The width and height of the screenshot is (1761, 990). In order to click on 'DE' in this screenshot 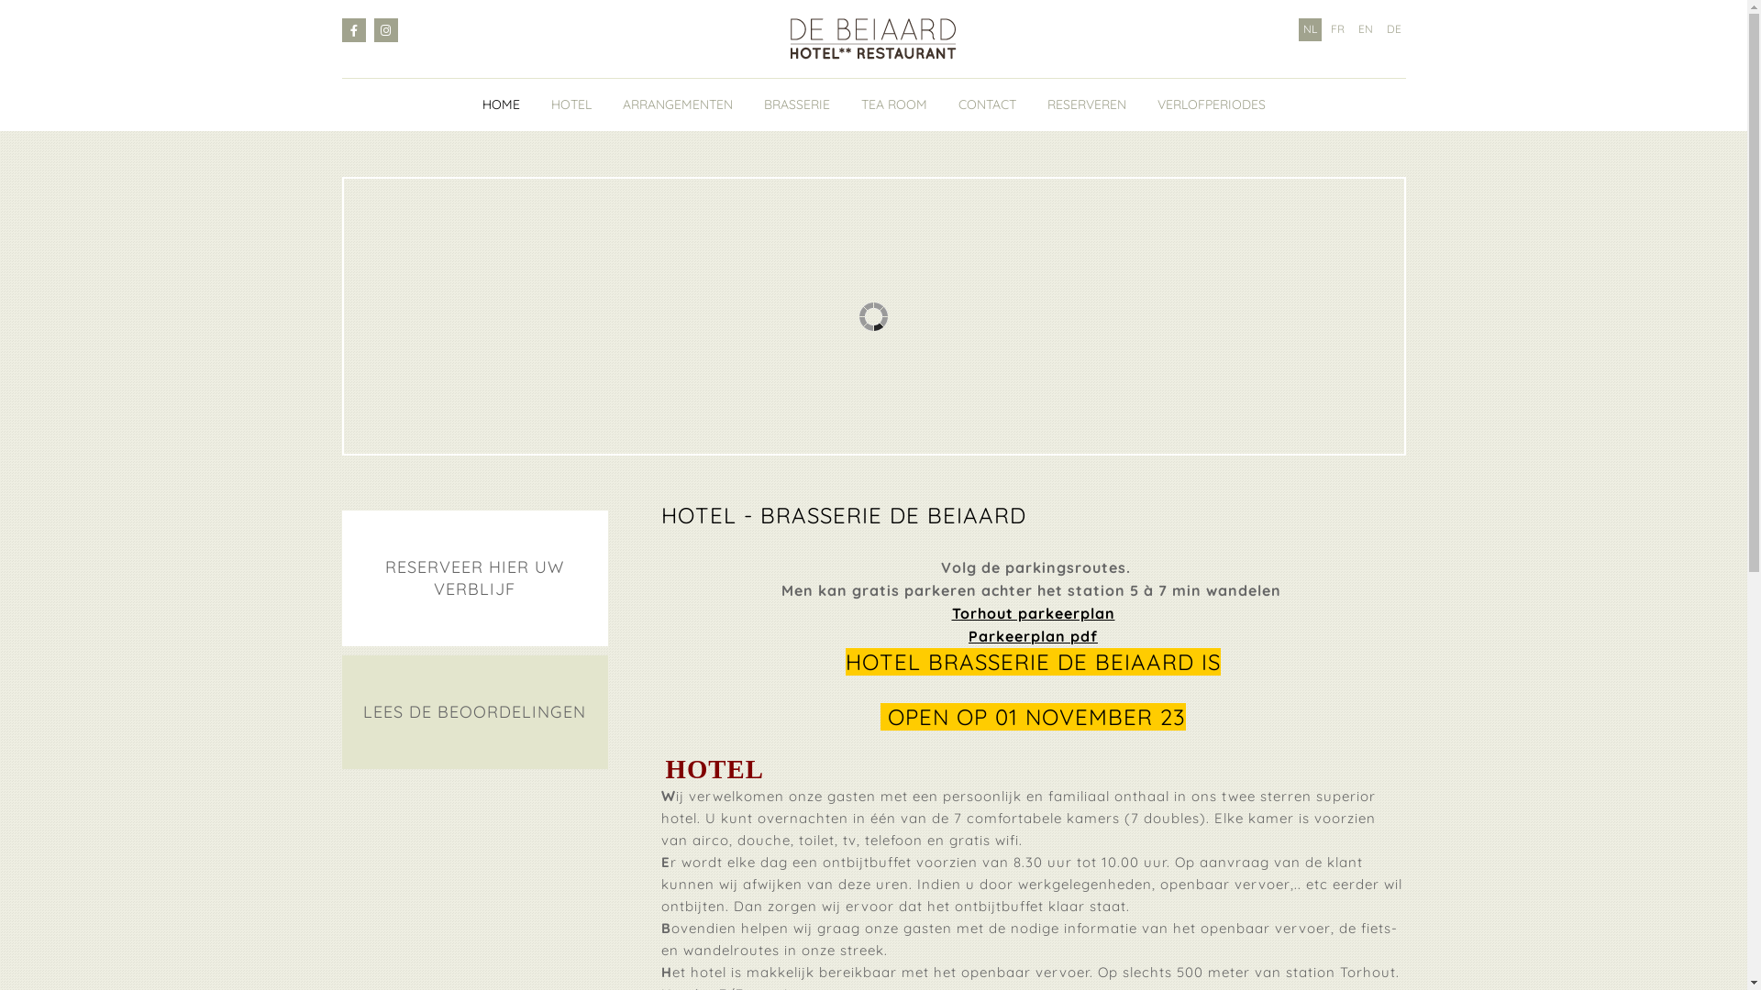, I will do `click(1381, 29)`.